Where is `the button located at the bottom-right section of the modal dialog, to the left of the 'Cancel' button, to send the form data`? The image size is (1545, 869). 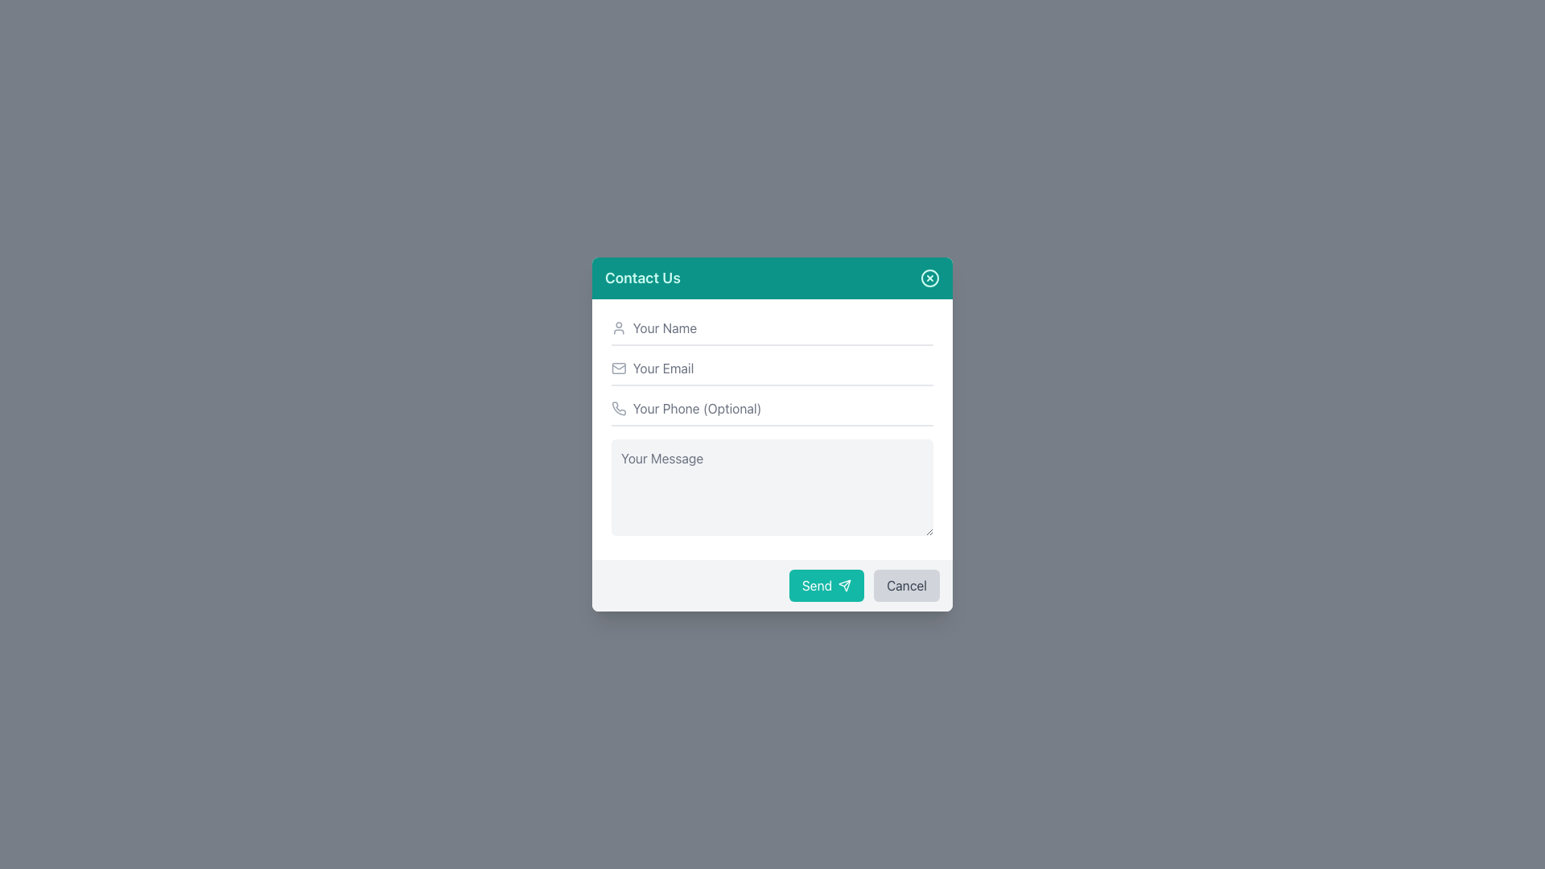
the button located at the bottom-right section of the modal dialog, to the left of the 'Cancel' button, to send the form data is located at coordinates (826, 586).